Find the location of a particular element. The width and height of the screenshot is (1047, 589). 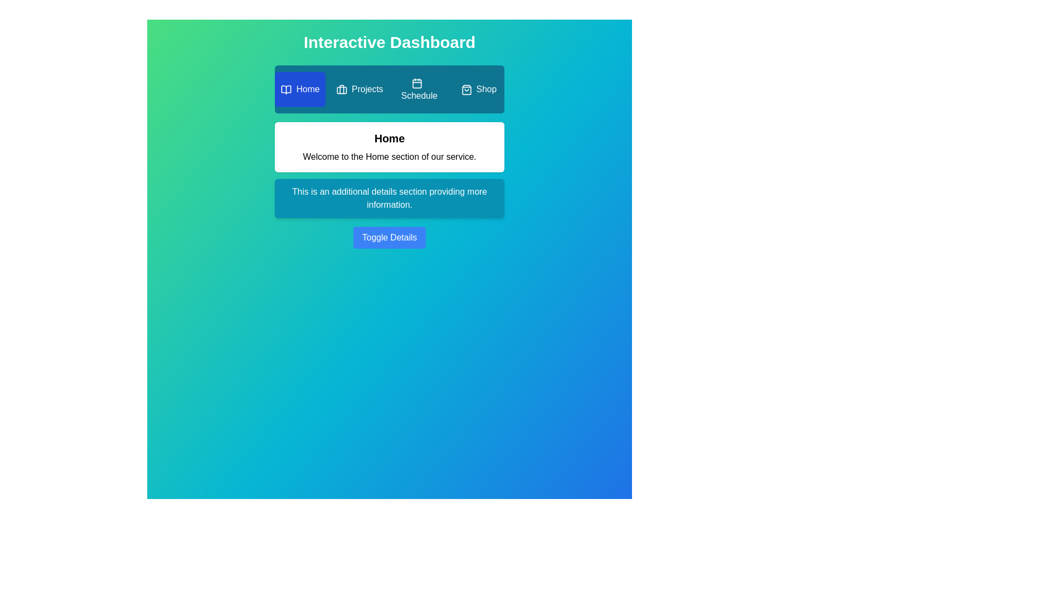

the Home tab by clicking on it is located at coordinates (300, 89).